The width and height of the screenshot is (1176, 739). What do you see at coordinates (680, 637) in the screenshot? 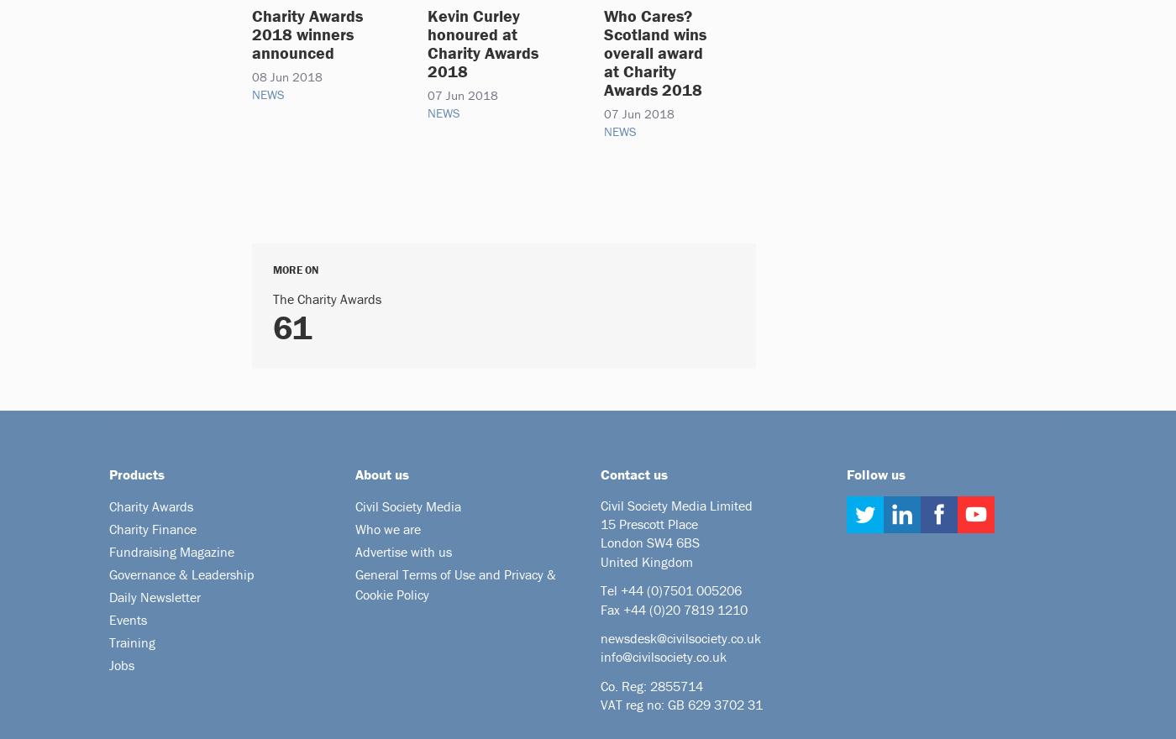
I see `'newsdesk@civilsociety.co.uk'` at bounding box center [680, 637].